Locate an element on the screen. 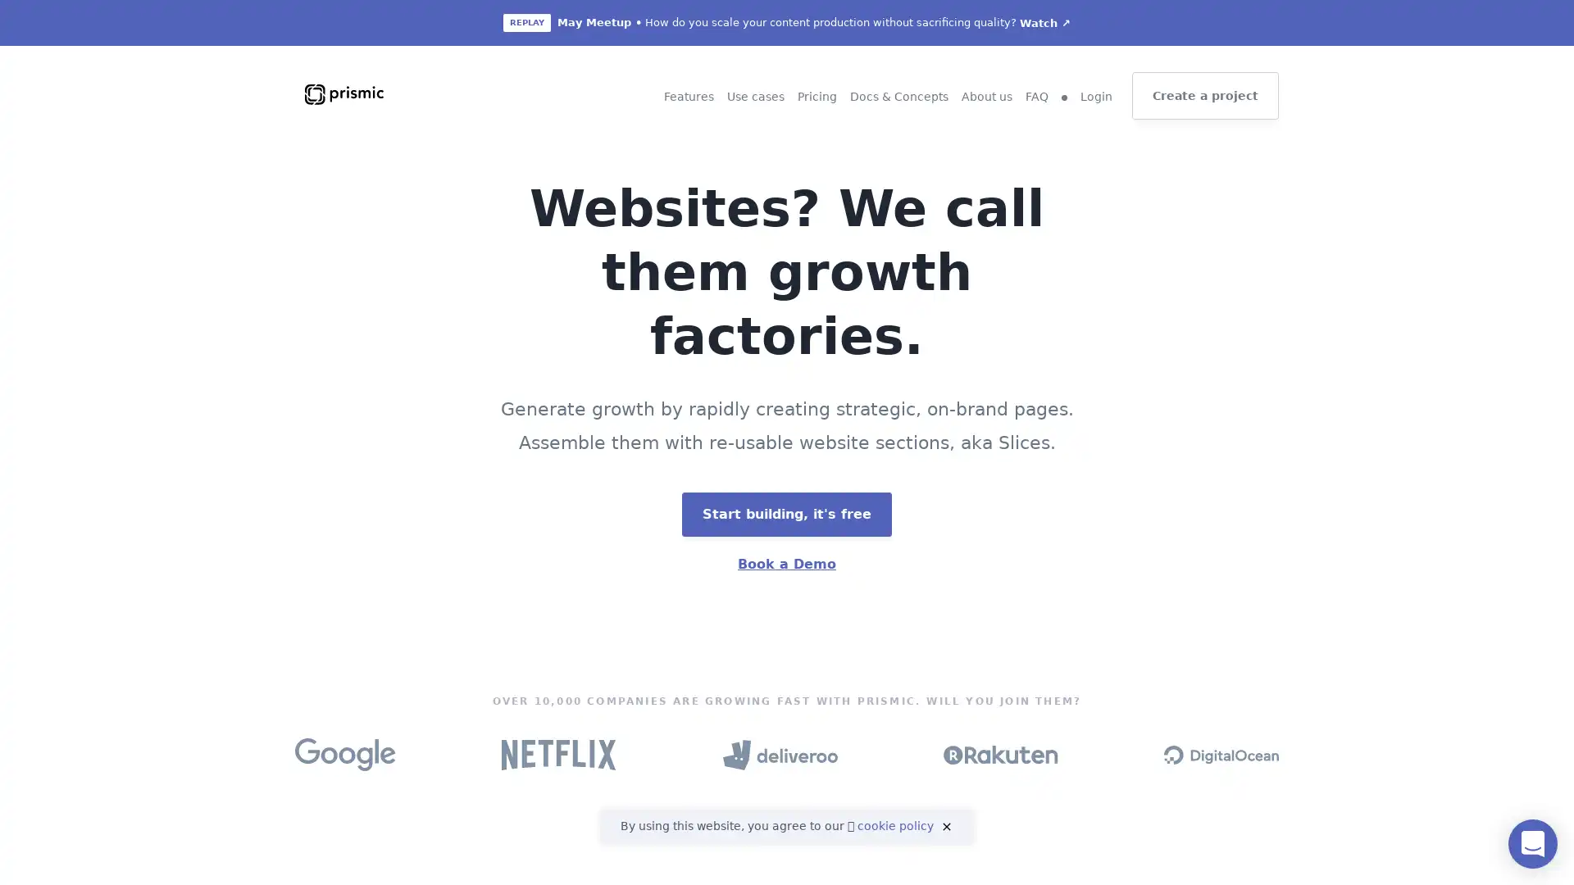 The height and width of the screenshot is (885, 1574). close is located at coordinates (947, 827).